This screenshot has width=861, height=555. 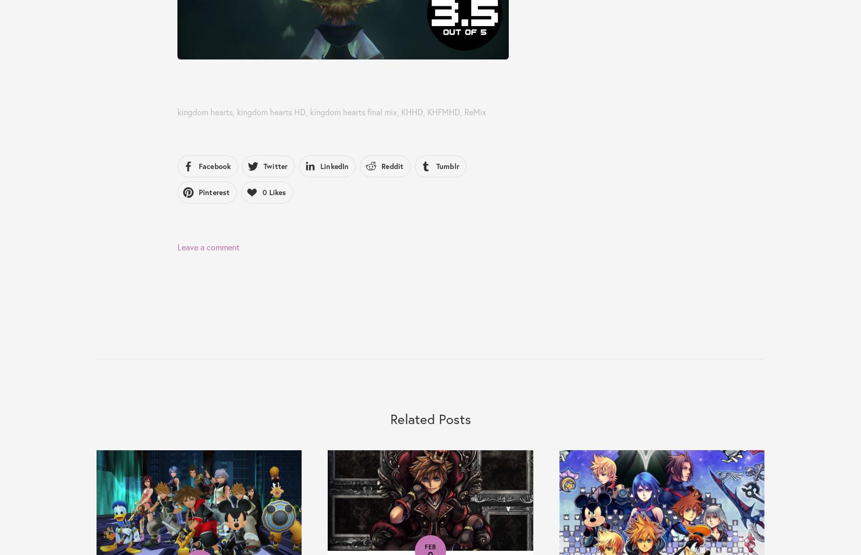 I want to click on 'Twitter', so click(x=275, y=166).